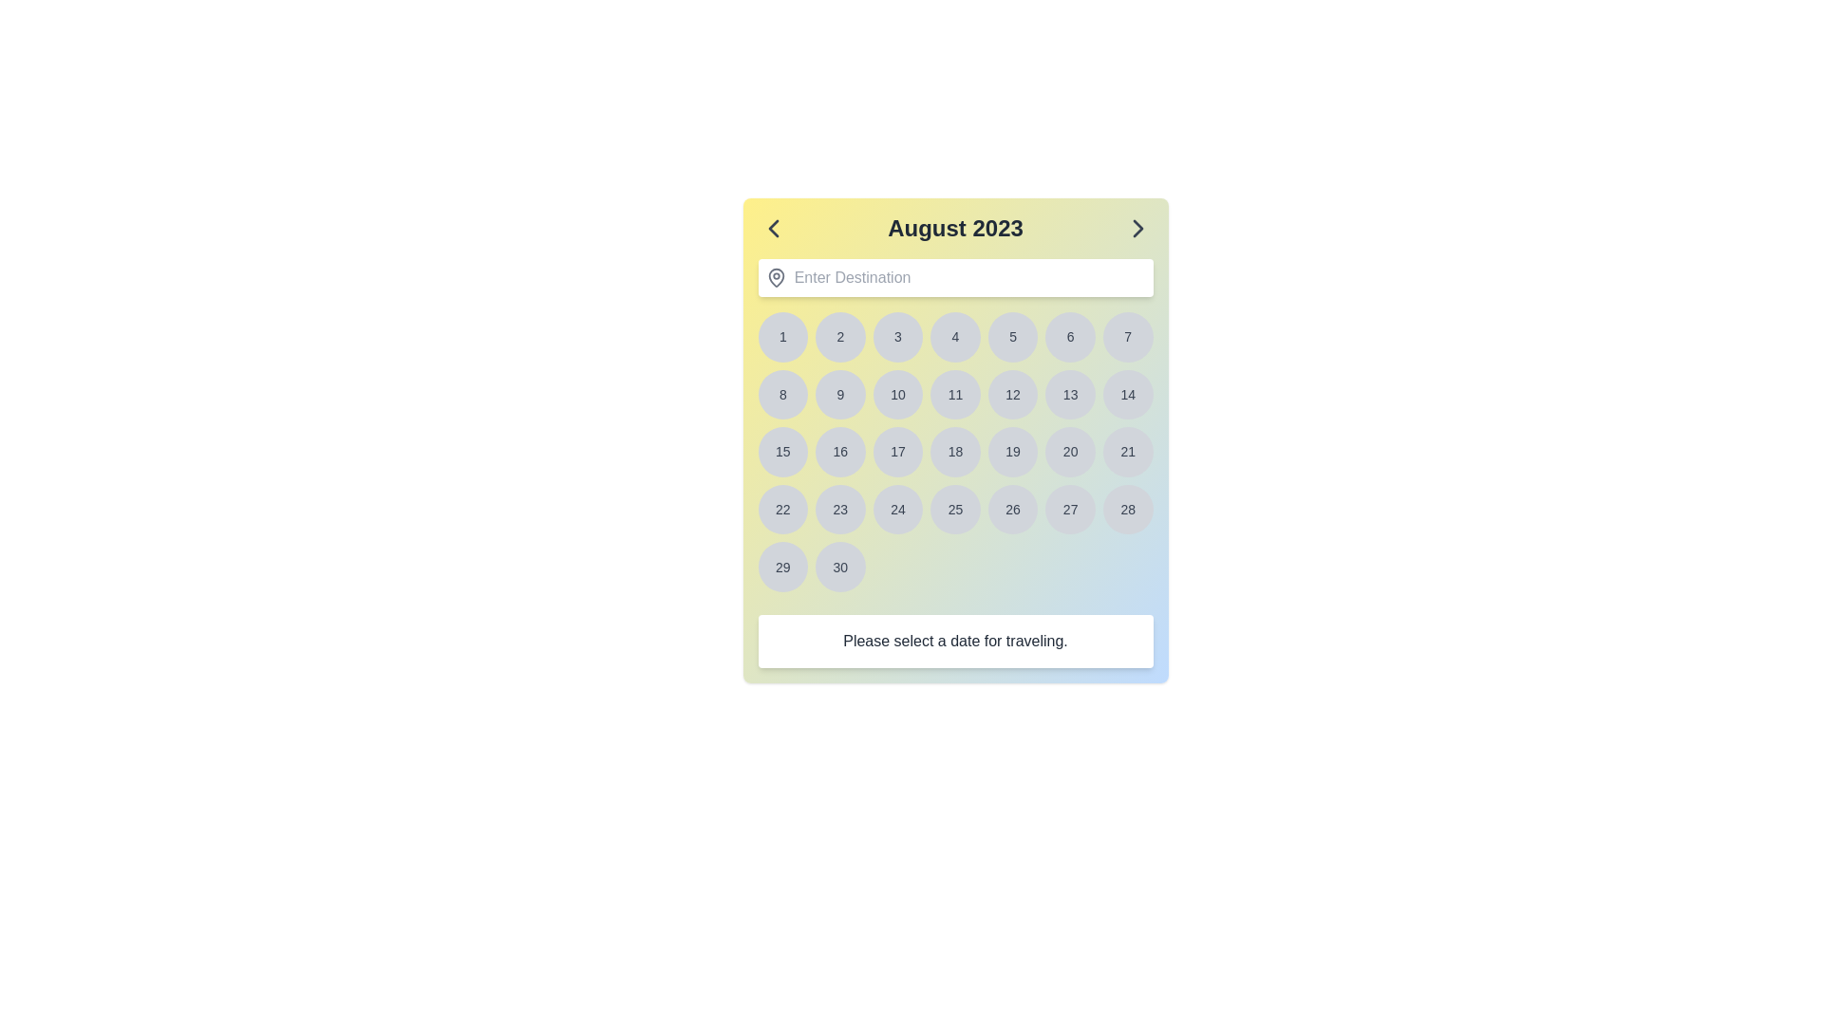 The height and width of the screenshot is (1025, 1823). I want to click on the map pin icon located next to the 'Enter Destination' input field, so click(776, 278).